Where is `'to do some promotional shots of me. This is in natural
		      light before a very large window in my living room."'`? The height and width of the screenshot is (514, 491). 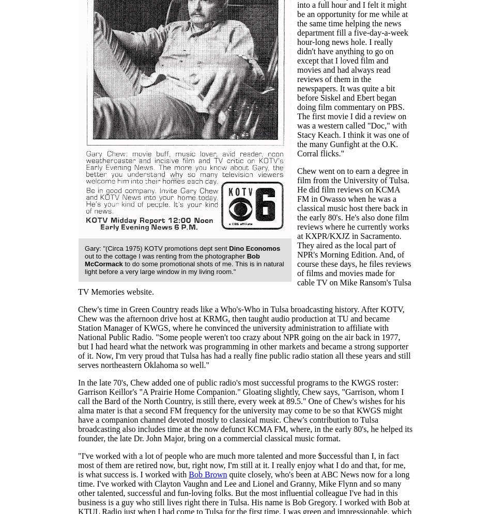 'to do some promotional shots of me. This is in natural
		      light before a very large window in my living room."' is located at coordinates (183, 268).